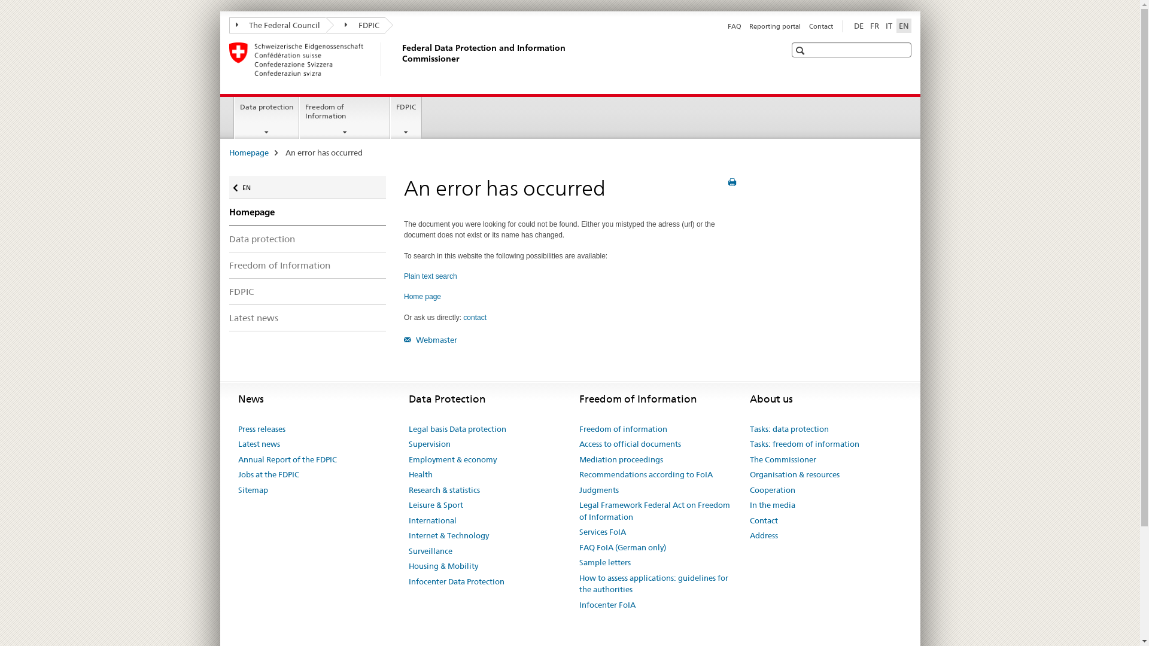  What do you see at coordinates (889, 25) in the screenshot?
I see `'IT'` at bounding box center [889, 25].